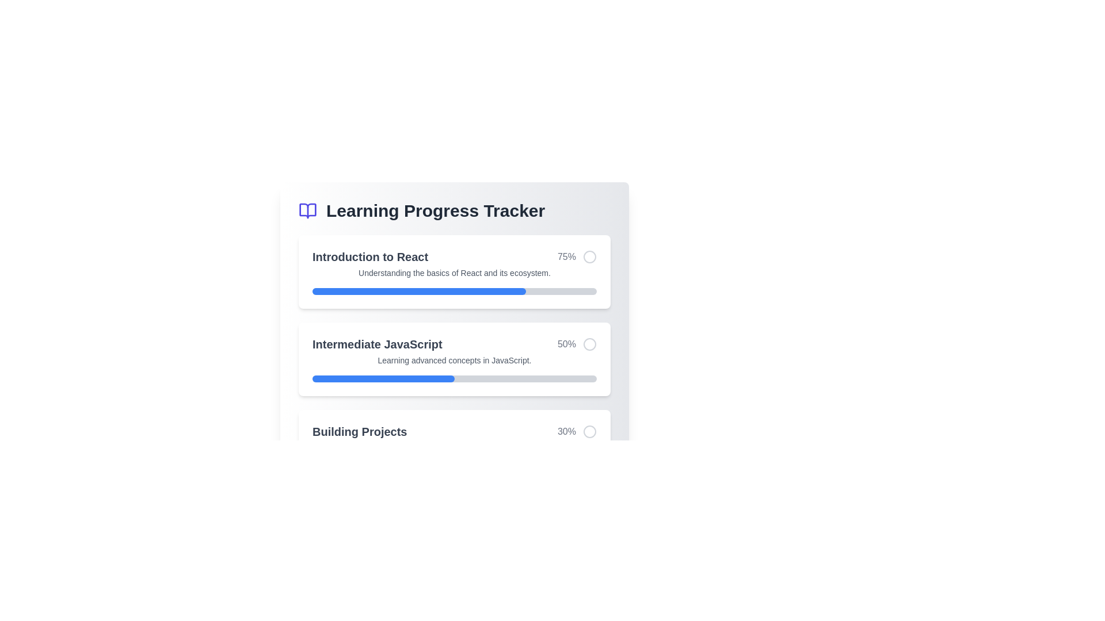 Image resolution: width=1105 pixels, height=621 pixels. Describe the element at coordinates (454, 290) in the screenshot. I see `the progress representation of the horizontal progress bar located at the bottom of the 'Introduction to React' card, which has a gray background with a blue filled portion` at that location.